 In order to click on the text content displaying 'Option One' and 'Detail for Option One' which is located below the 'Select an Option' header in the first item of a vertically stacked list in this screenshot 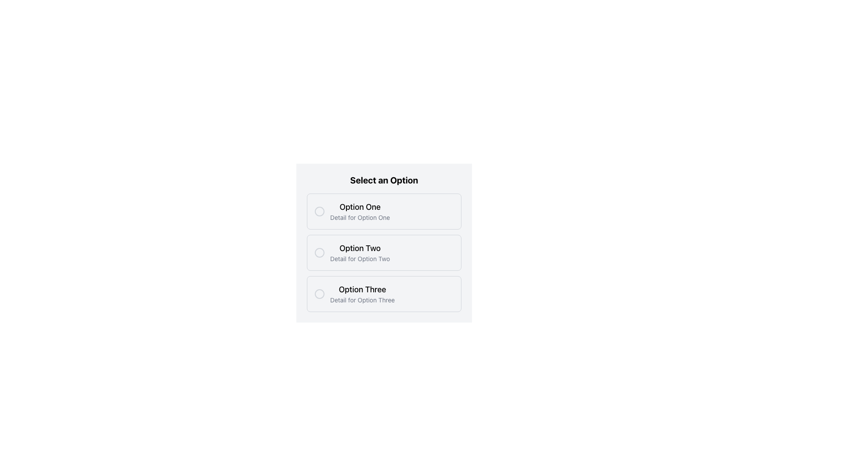, I will do `click(360, 212)`.